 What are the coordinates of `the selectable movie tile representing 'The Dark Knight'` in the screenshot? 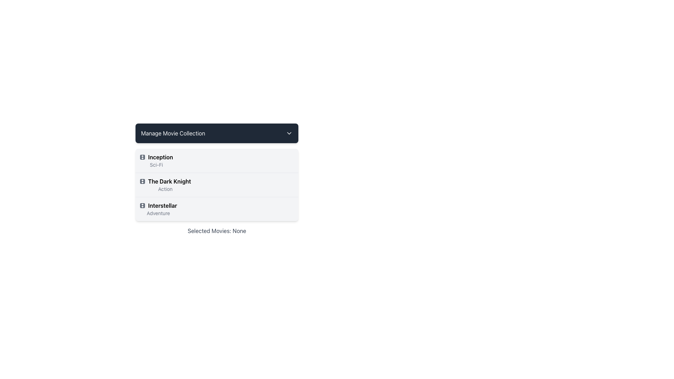 It's located at (217, 184).